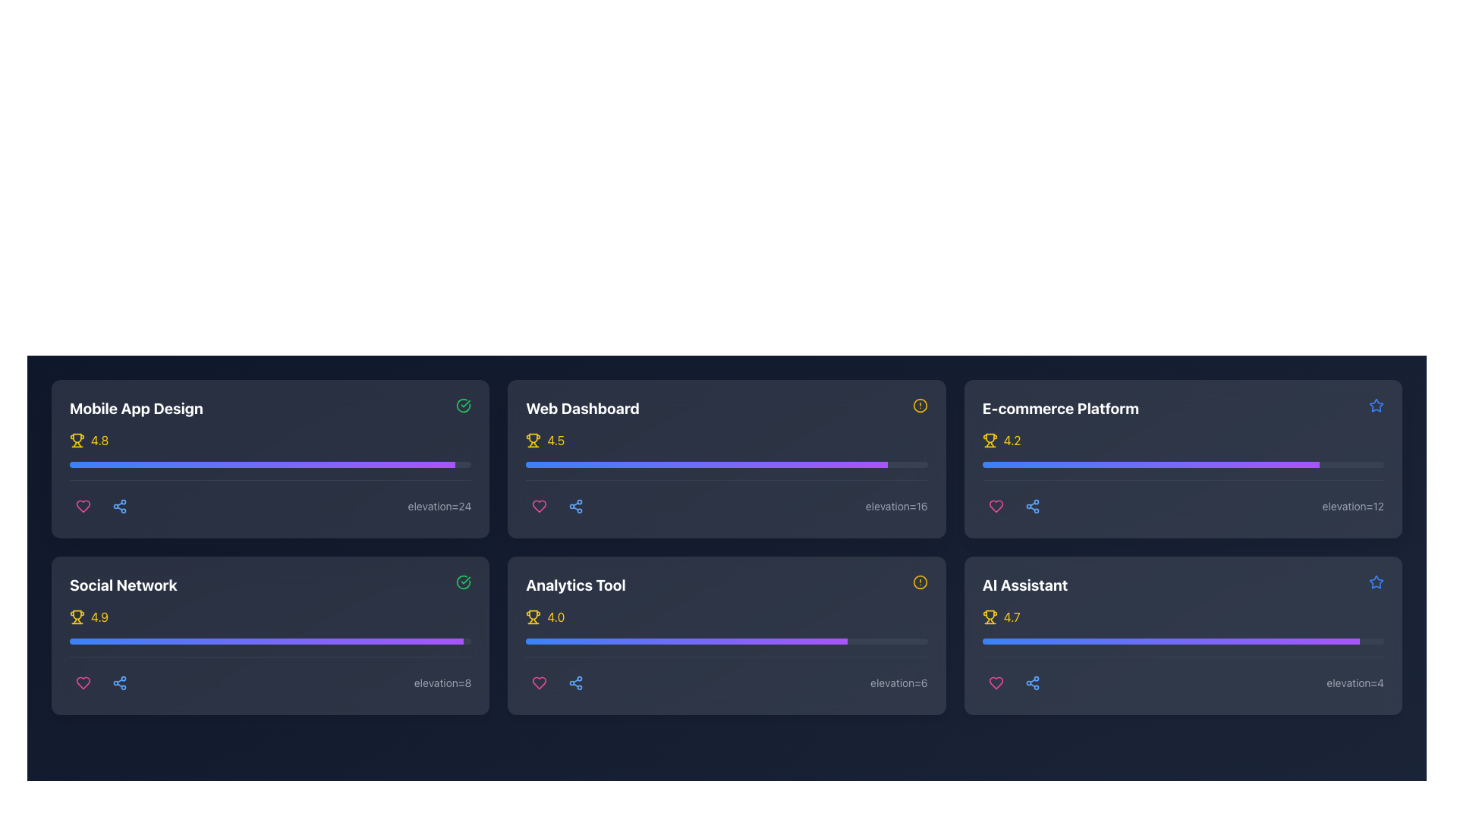 The image size is (1457, 819). I want to click on the star icon located at the top-right corner of the 'AI Assistant' card to trigger the tooltip or highlight effect, so click(1377, 404).